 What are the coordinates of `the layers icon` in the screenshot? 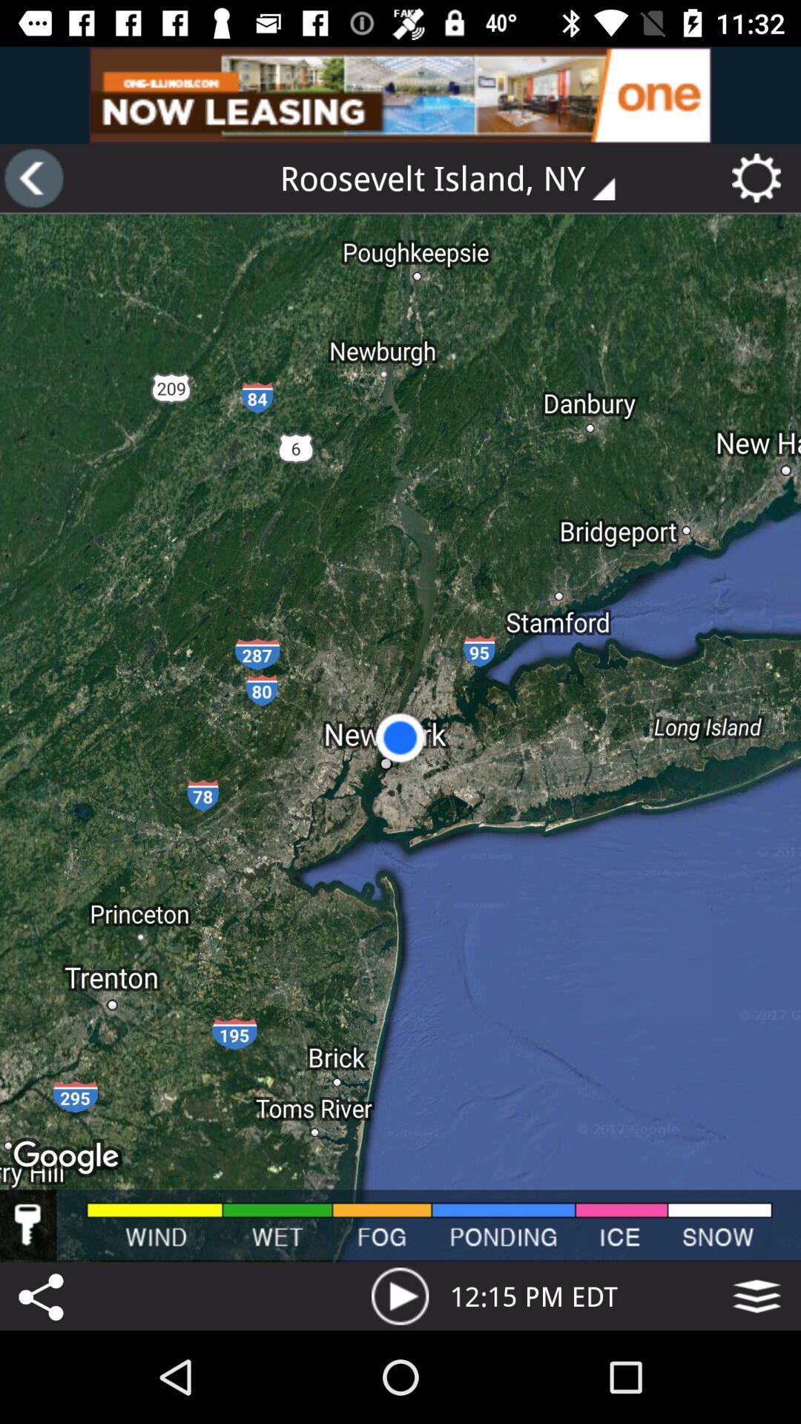 It's located at (756, 1295).